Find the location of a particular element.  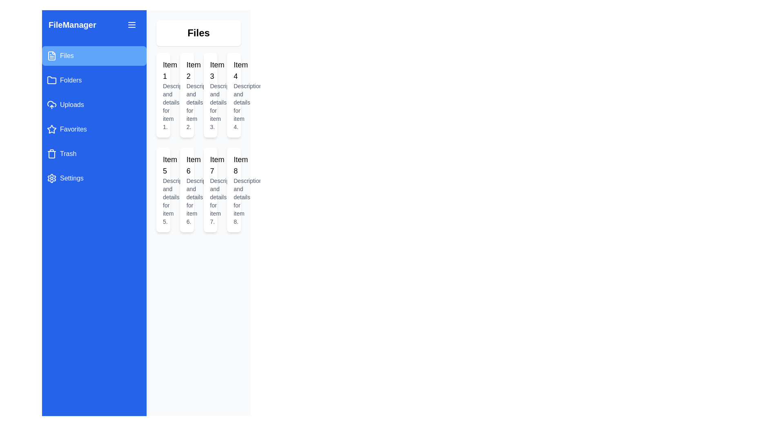

the descriptive text label located in the top row, second column of the grid layout, which provides additional information about 'Item 2' is located at coordinates (186, 106).